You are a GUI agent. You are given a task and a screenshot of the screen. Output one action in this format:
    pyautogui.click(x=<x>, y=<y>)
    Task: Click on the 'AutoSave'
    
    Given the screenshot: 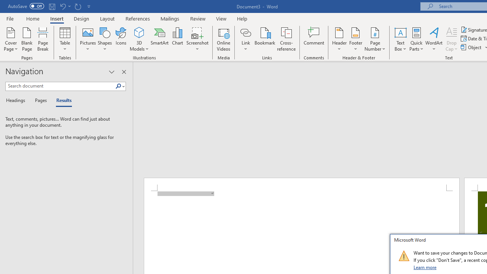 What is the action you would take?
    pyautogui.click(x=26, y=6)
    